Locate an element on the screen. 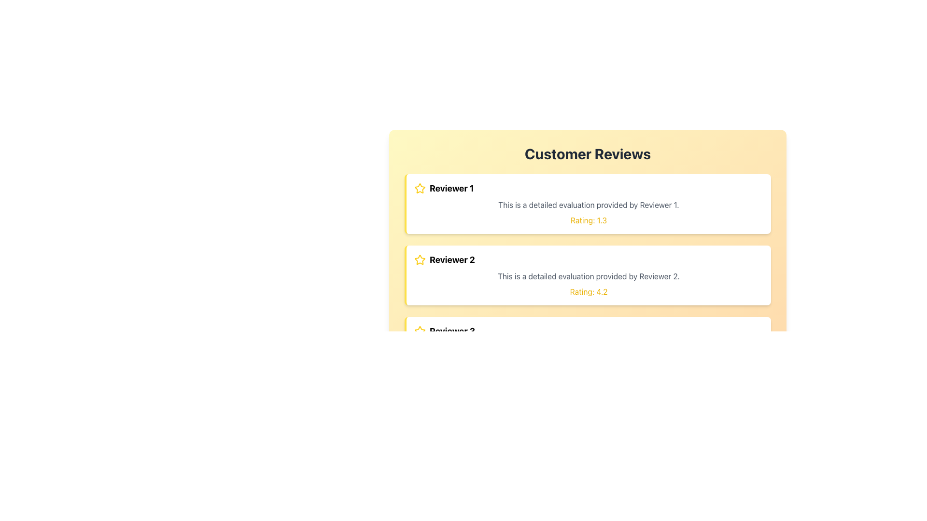 Image resolution: width=927 pixels, height=521 pixels. the numerical rating Text Label displayed in the second review card, located at the bottom of the card below the review description text is located at coordinates (588, 291).